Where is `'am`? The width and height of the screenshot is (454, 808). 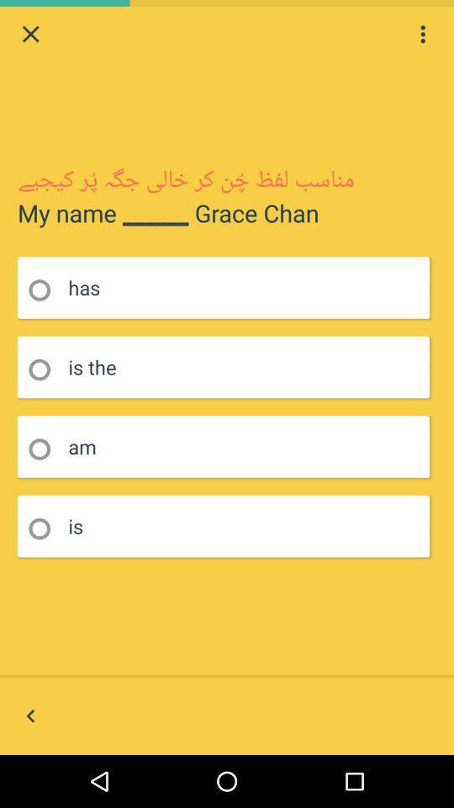
'am is located at coordinates (45, 449).